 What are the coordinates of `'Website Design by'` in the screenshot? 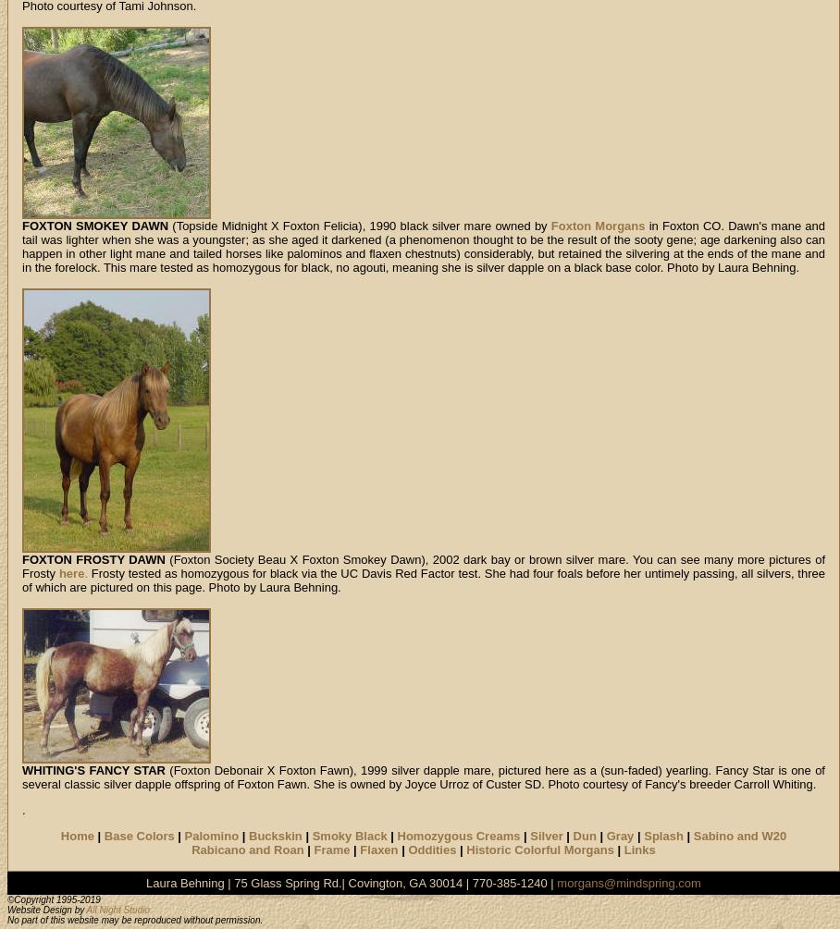 It's located at (6, 909).